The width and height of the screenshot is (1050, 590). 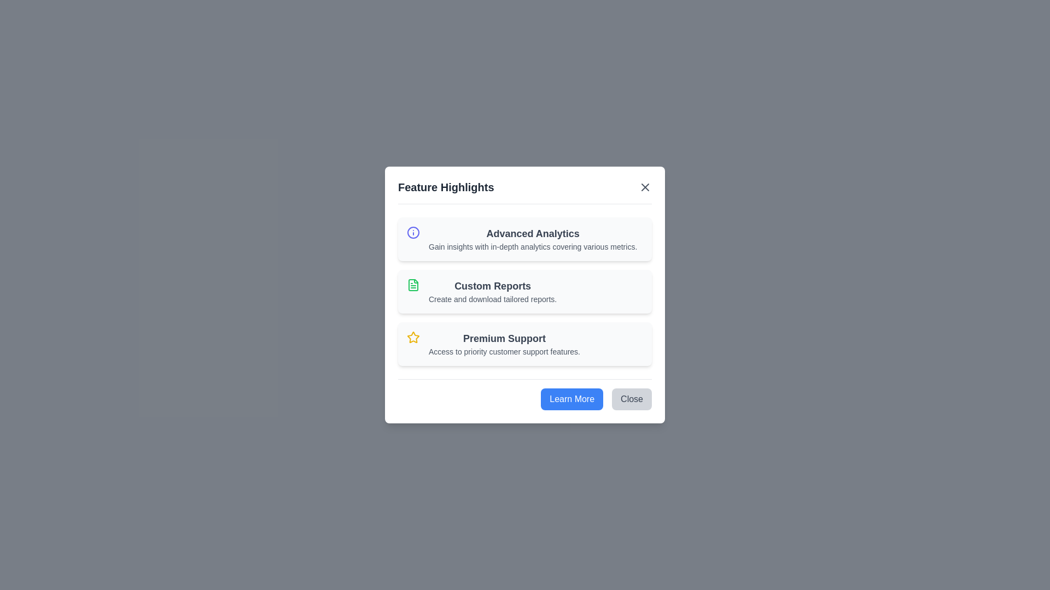 I want to click on the text element labeled 'Advanced Analytics', which is styled in bold and dark gray, and is the title of the first feature in the 'Feature Highlights' section, so click(x=533, y=233).